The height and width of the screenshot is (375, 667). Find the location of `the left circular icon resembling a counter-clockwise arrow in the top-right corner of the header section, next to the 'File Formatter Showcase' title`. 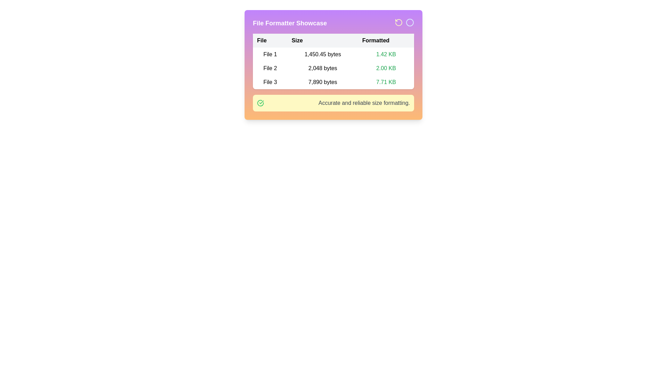

the left circular icon resembling a counter-clockwise arrow in the top-right corner of the header section, next to the 'File Formatter Showcase' title is located at coordinates (404, 23).